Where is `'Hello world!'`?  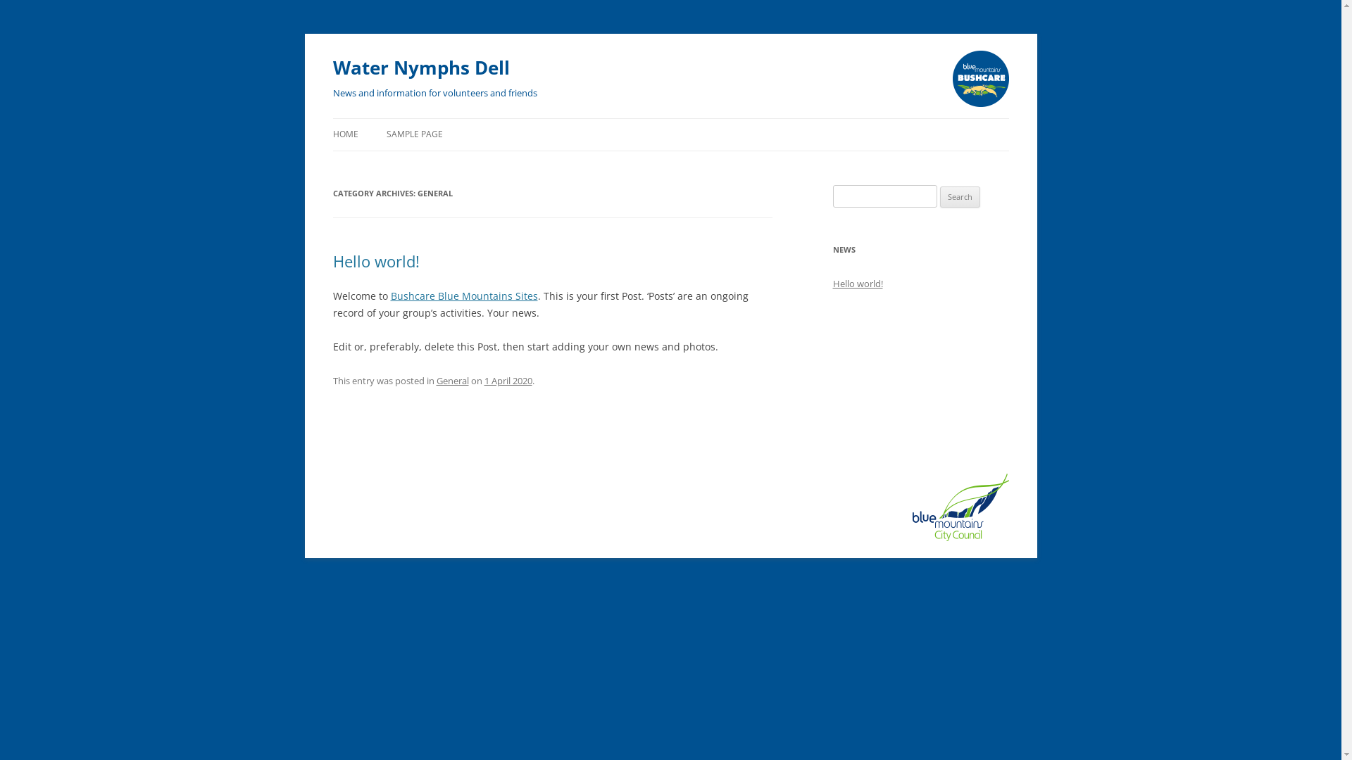 'Hello world!' is located at coordinates (856, 283).